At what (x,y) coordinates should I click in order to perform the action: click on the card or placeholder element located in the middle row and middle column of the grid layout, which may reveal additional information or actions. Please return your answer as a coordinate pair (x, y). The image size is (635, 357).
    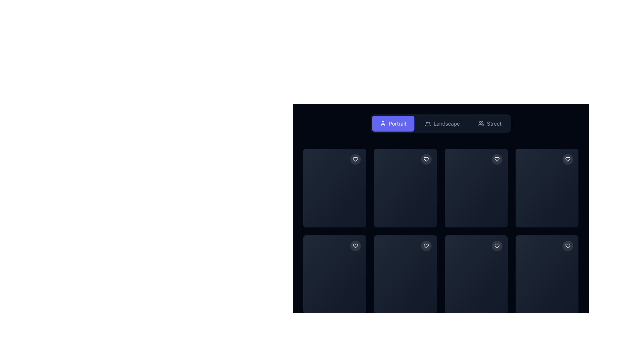
    Looking at the image, I should click on (476, 212).